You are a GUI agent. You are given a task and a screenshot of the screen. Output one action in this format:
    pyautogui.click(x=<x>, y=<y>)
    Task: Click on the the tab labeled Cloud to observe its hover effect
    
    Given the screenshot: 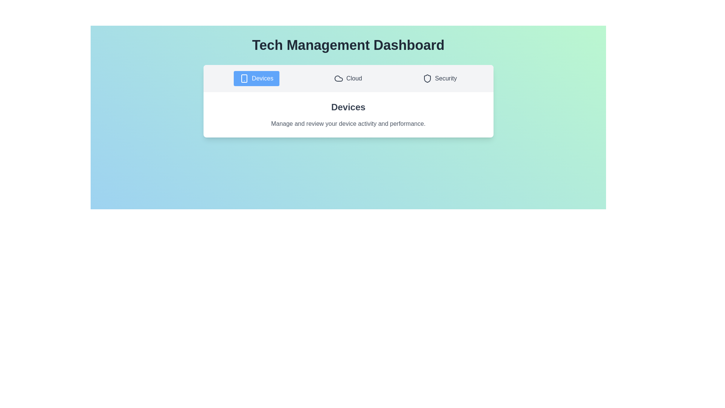 What is the action you would take?
    pyautogui.click(x=347, y=79)
    